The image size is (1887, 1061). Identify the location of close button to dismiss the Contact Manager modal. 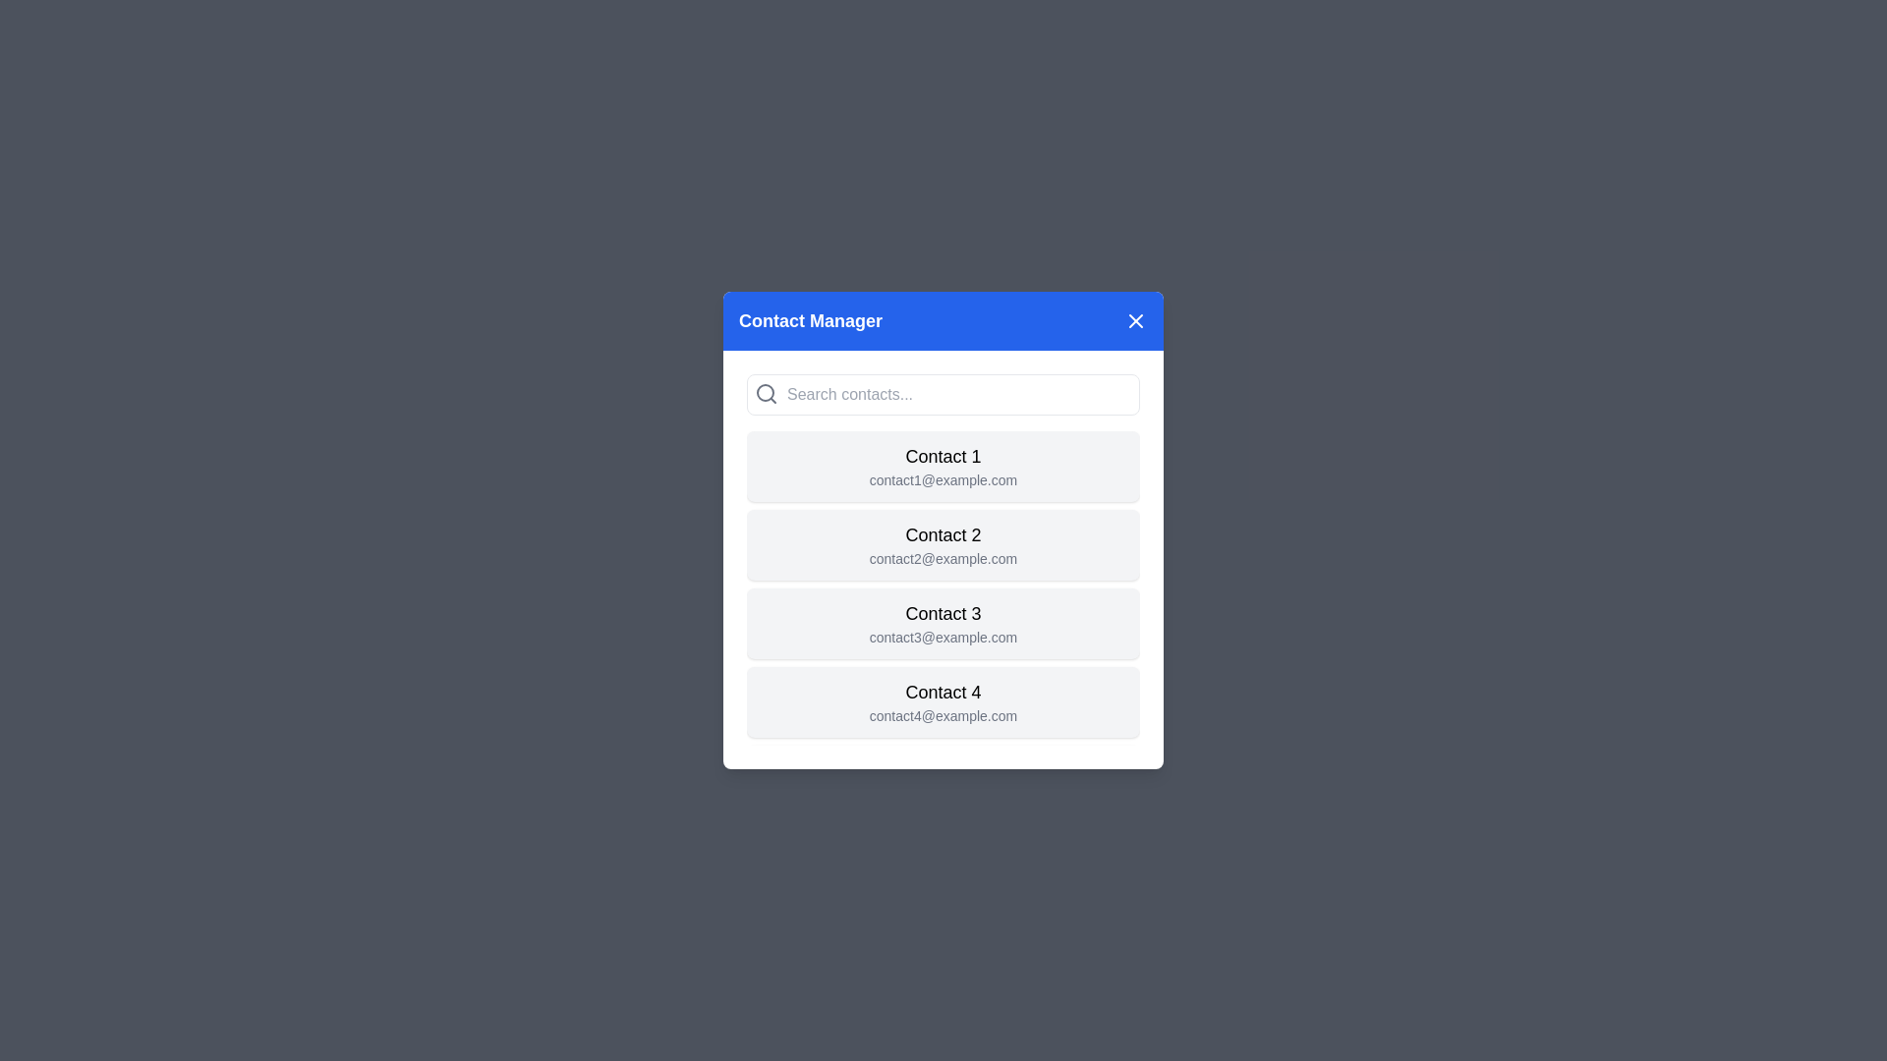
(1136, 320).